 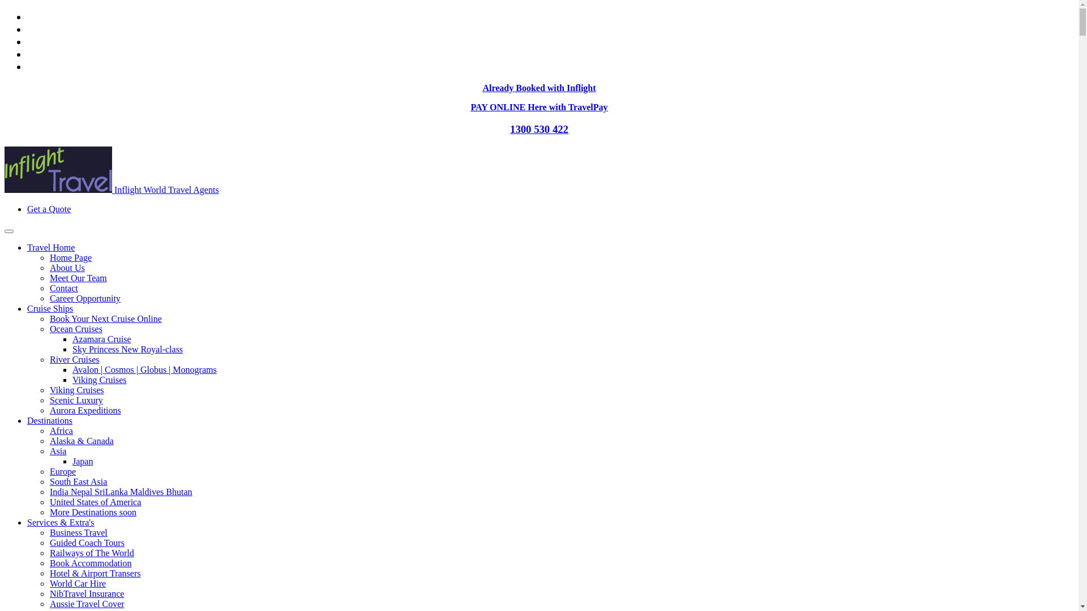 I want to click on 'Home Page', so click(x=70, y=257).